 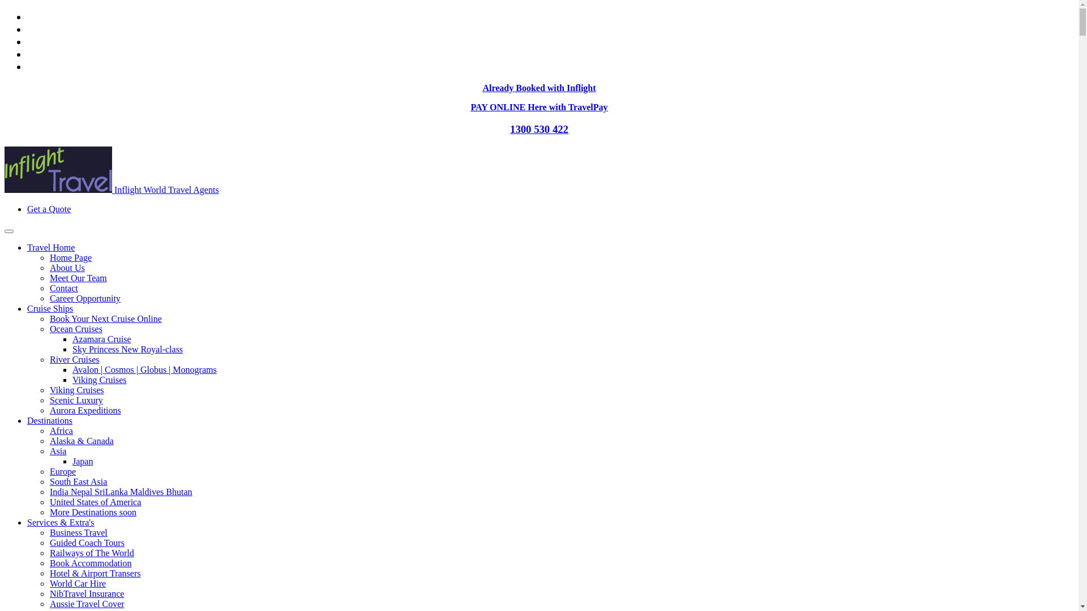 I want to click on 'Home Page', so click(x=70, y=257).